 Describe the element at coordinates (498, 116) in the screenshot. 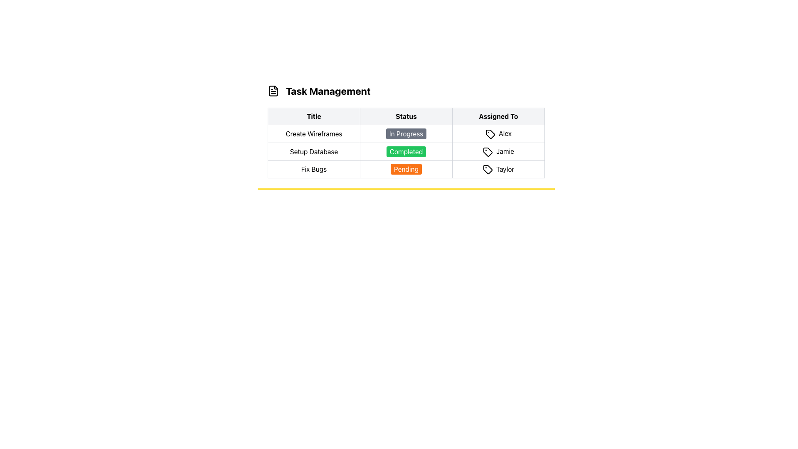

I see `the 'Assigned To' text label element, which is a bold, black font label within a bordered rectangle in the top-right of the table's last column header` at that location.